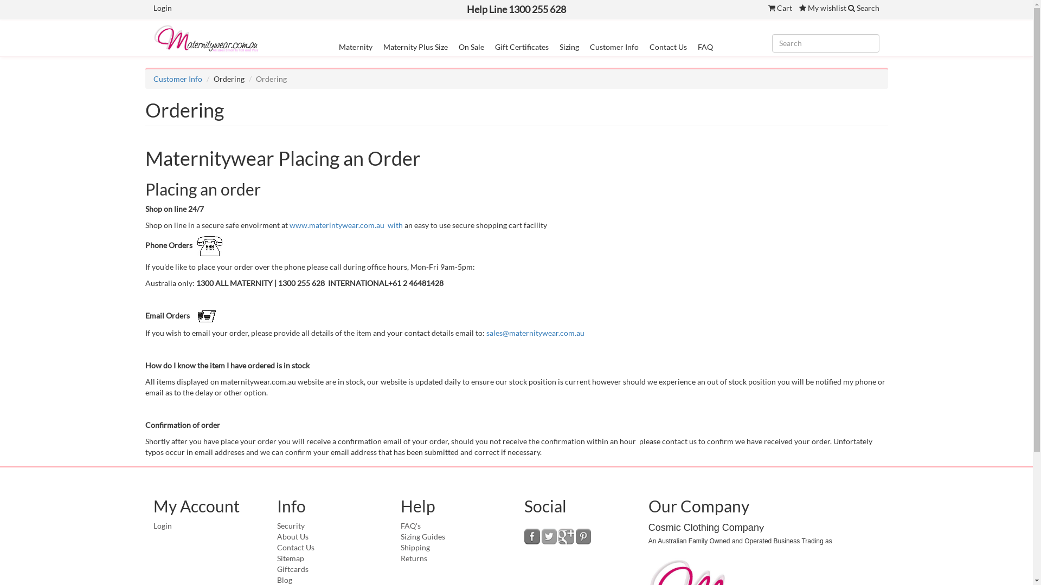 This screenshot has width=1041, height=585. Describe the element at coordinates (566, 536) in the screenshot. I see `'Google Plus'` at that location.